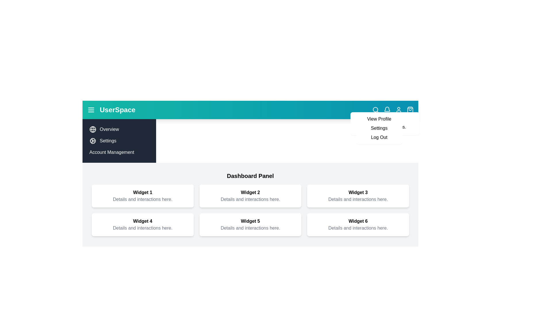 The image size is (552, 310). Describe the element at coordinates (358, 199) in the screenshot. I see `the text label that contains 'Details and interactions here.' within the card labeled 'Widget 3' in the top-right section of the Dashboard Panel` at that location.